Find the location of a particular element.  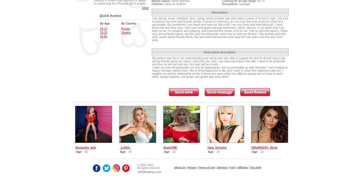

'Spoil@ME' is located at coordinates (170, 147).